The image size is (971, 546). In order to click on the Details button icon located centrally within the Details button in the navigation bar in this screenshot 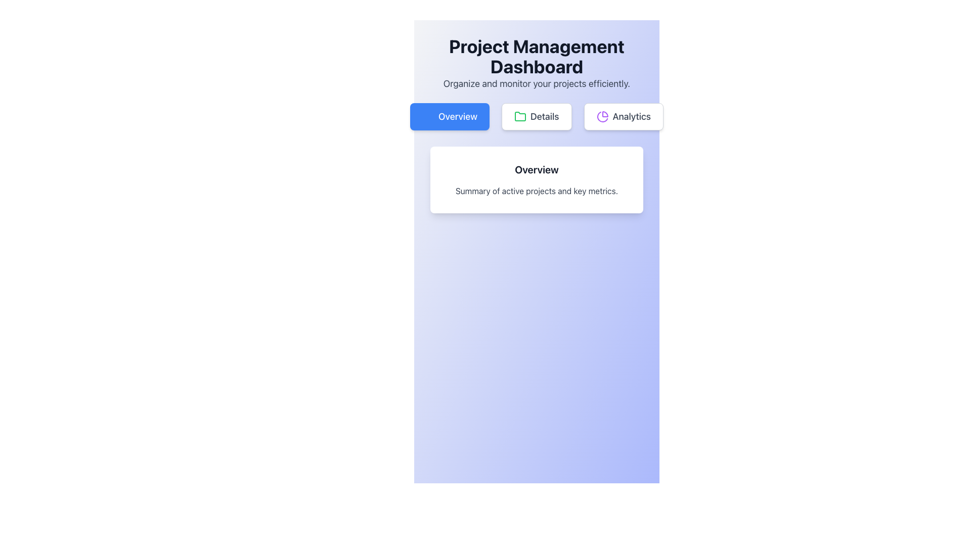, I will do `click(520, 116)`.